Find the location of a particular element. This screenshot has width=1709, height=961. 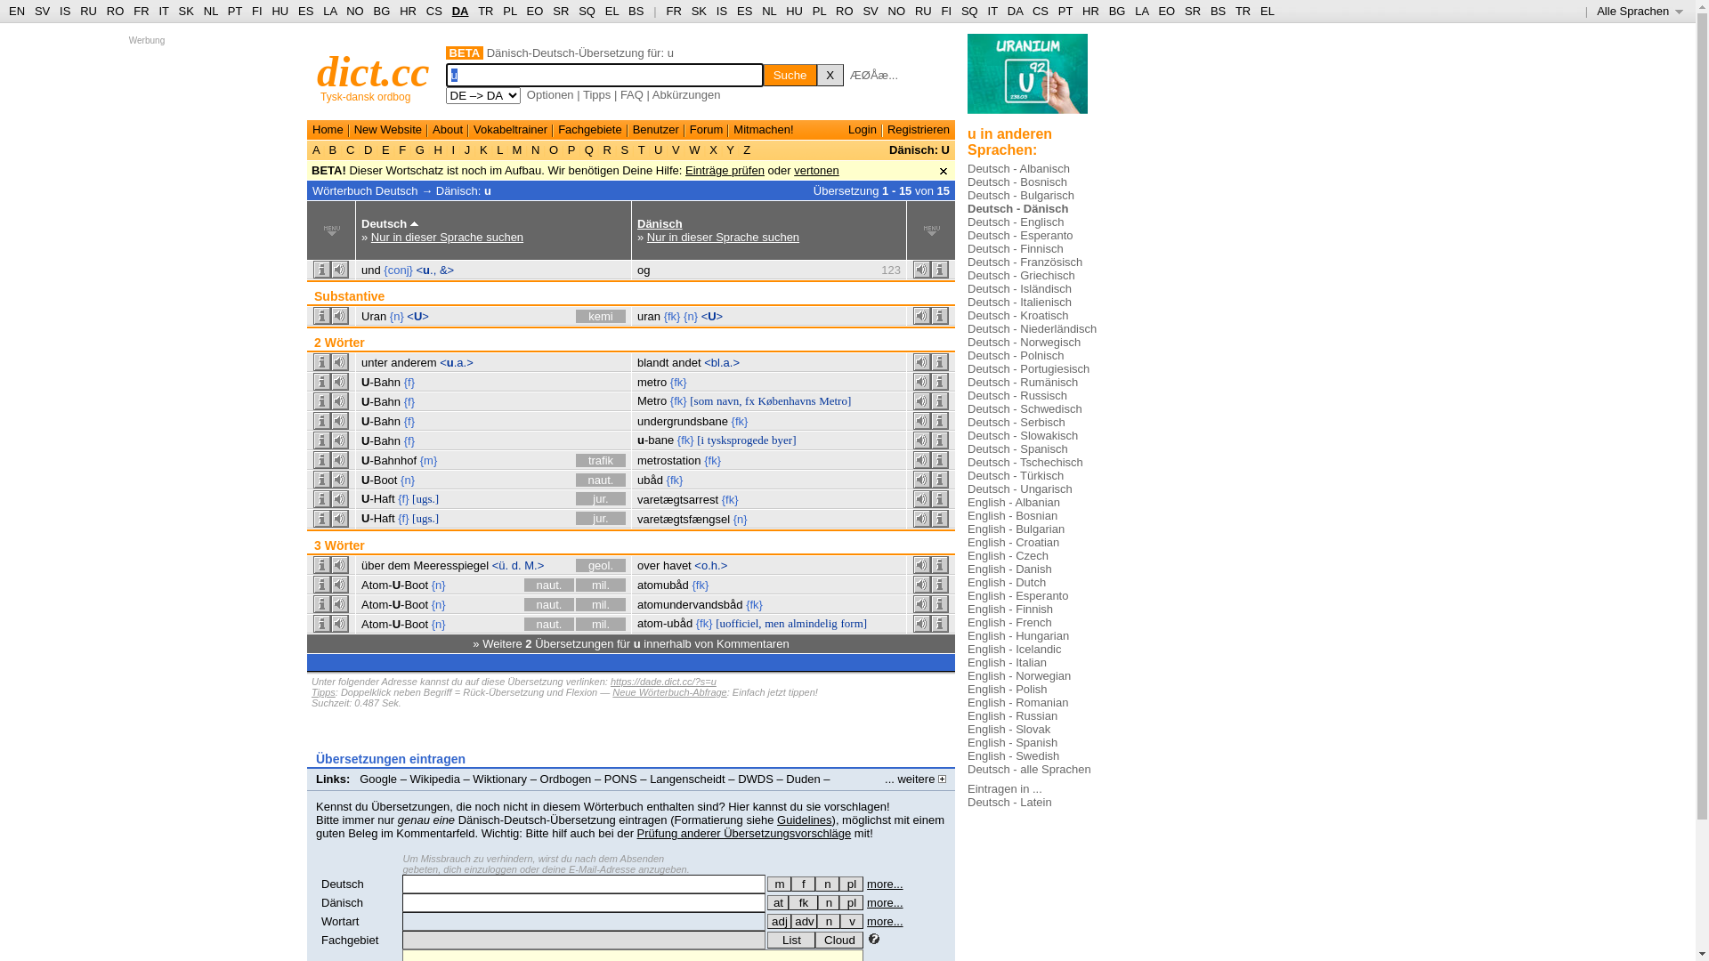

'naut.' is located at coordinates (548, 603).